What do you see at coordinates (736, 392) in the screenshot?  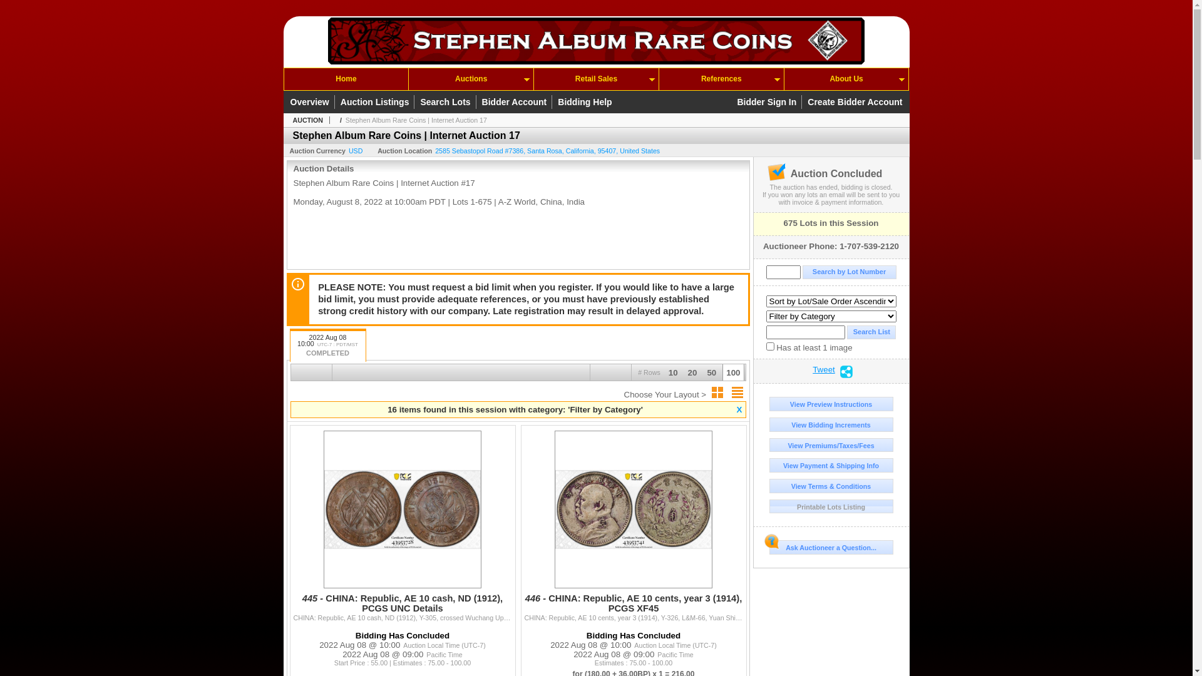 I see `'Switch to List View'` at bounding box center [736, 392].